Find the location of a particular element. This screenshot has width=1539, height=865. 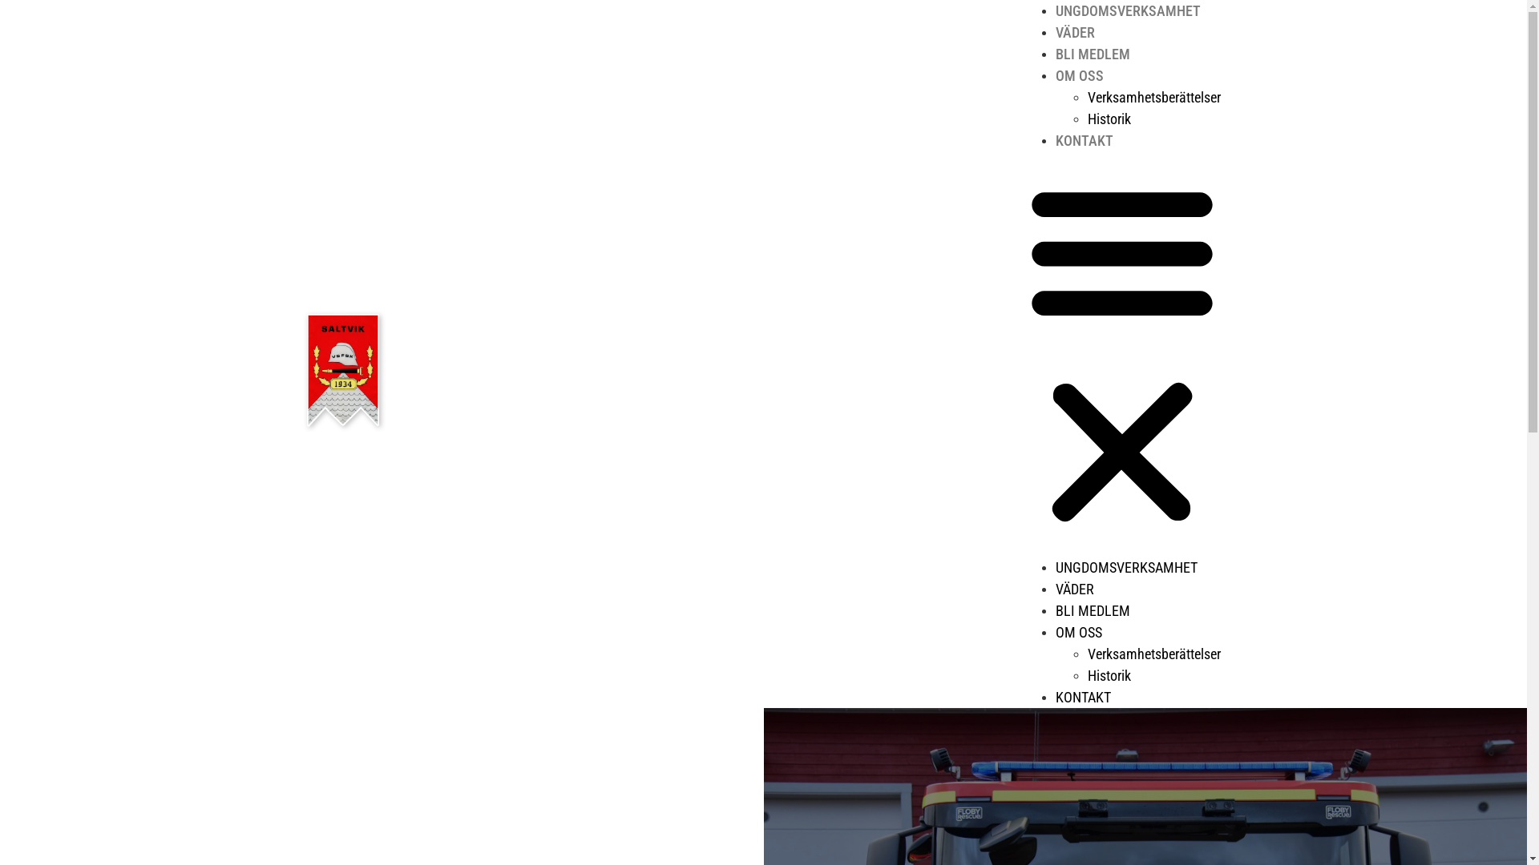

'UNGDOMSVERKSAMHET' is located at coordinates (1125, 566).